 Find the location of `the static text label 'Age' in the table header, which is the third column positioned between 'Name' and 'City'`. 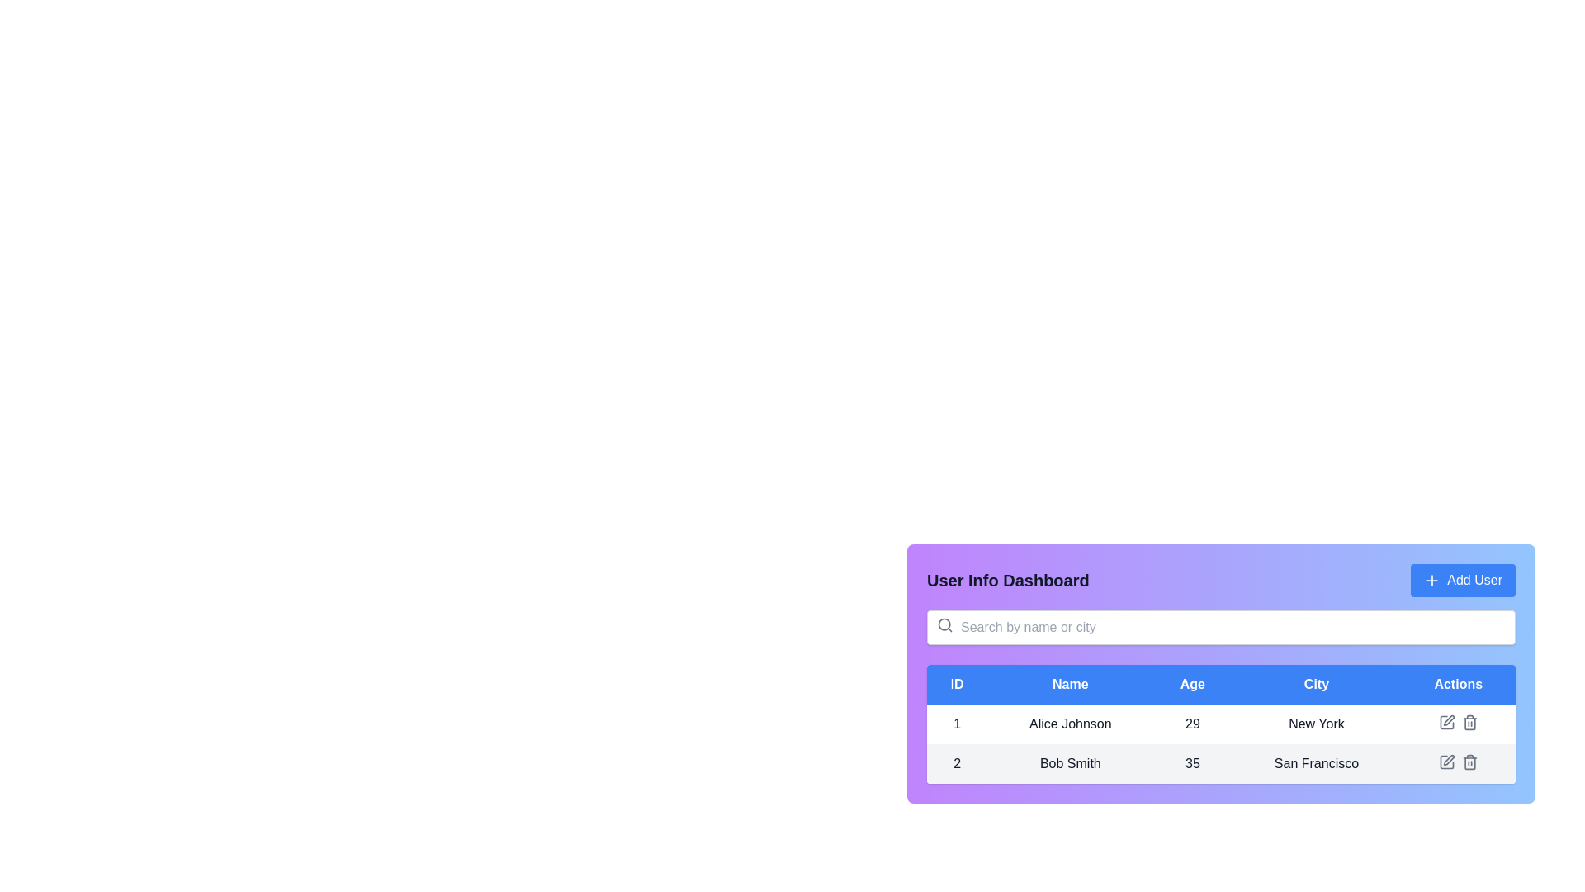

the static text label 'Age' in the table header, which is the third column positioned between 'Name' and 'City' is located at coordinates (1192, 685).